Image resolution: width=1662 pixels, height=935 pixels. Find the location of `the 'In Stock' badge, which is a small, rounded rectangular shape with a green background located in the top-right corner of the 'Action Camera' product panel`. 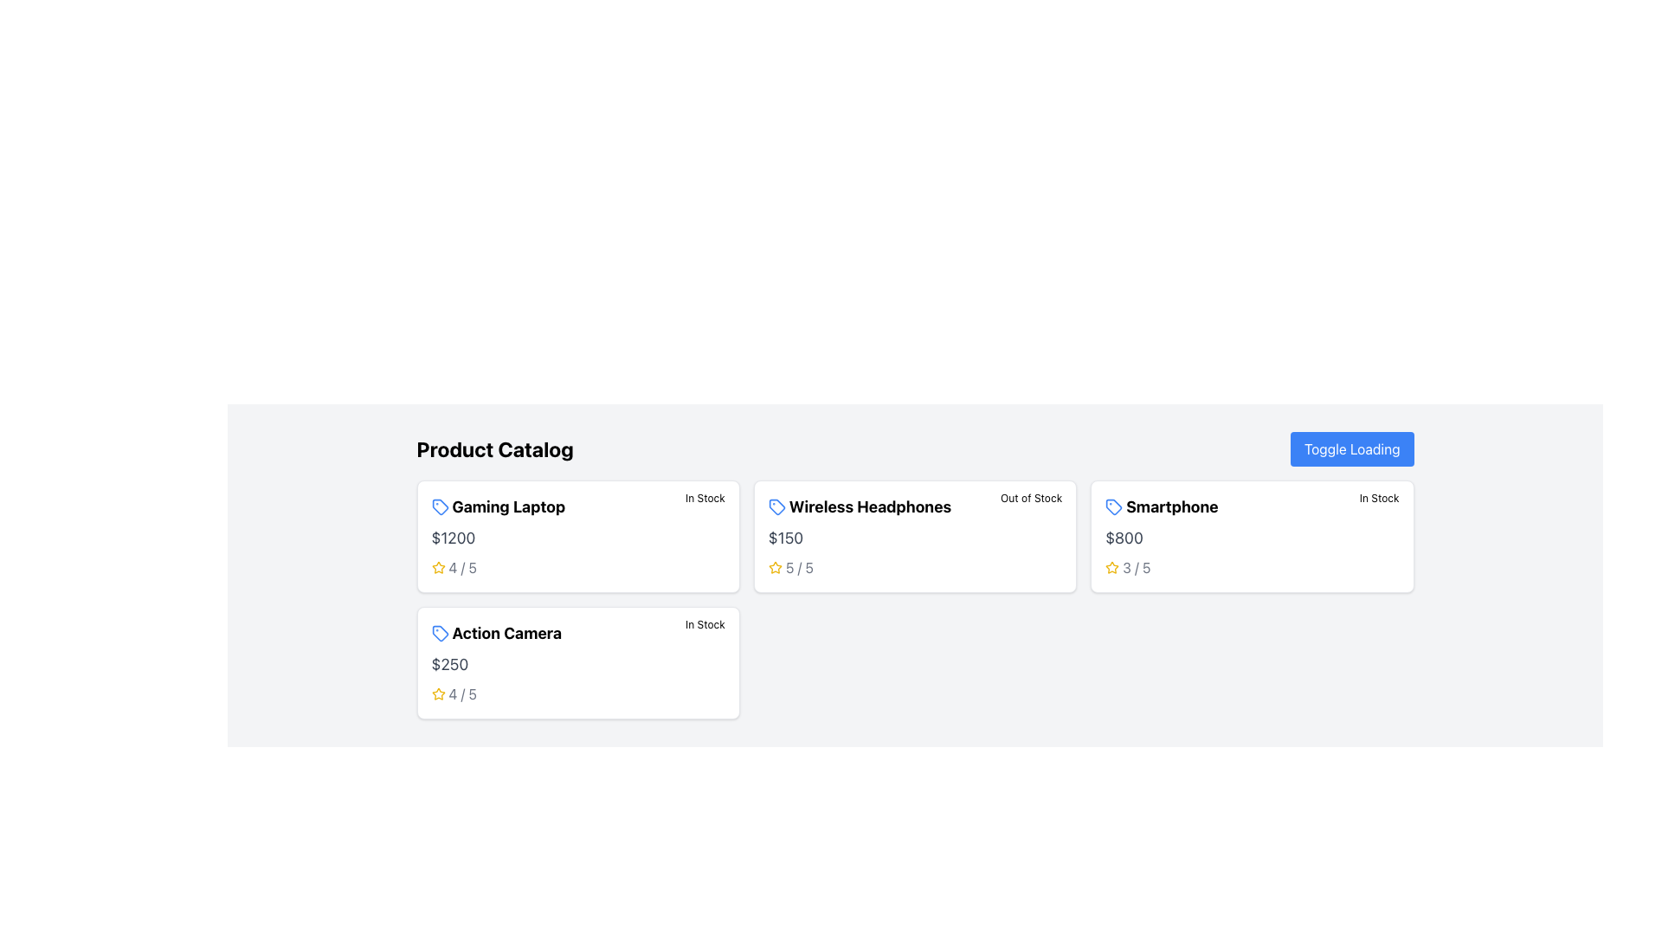

the 'In Stock' badge, which is a small, rounded rectangular shape with a green background located in the top-right corner of the 'Action Camera' product panel is located at coordinates (705, 624).